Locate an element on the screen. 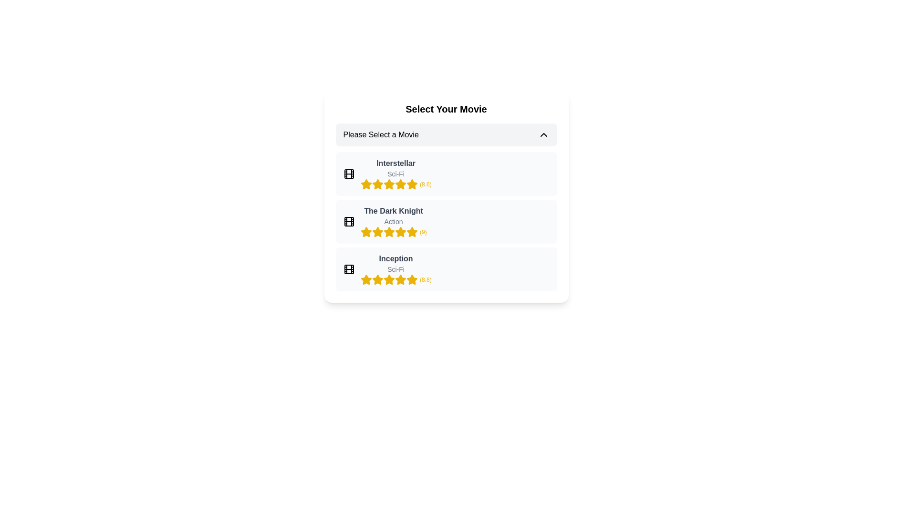 This screenshot has width=916, height=515. the text element displaying the numerical rating count for 'The Dark Knight', positioned immediately to the right of the yellow stars in the second movie rating row is located at coordinates (423, 232).